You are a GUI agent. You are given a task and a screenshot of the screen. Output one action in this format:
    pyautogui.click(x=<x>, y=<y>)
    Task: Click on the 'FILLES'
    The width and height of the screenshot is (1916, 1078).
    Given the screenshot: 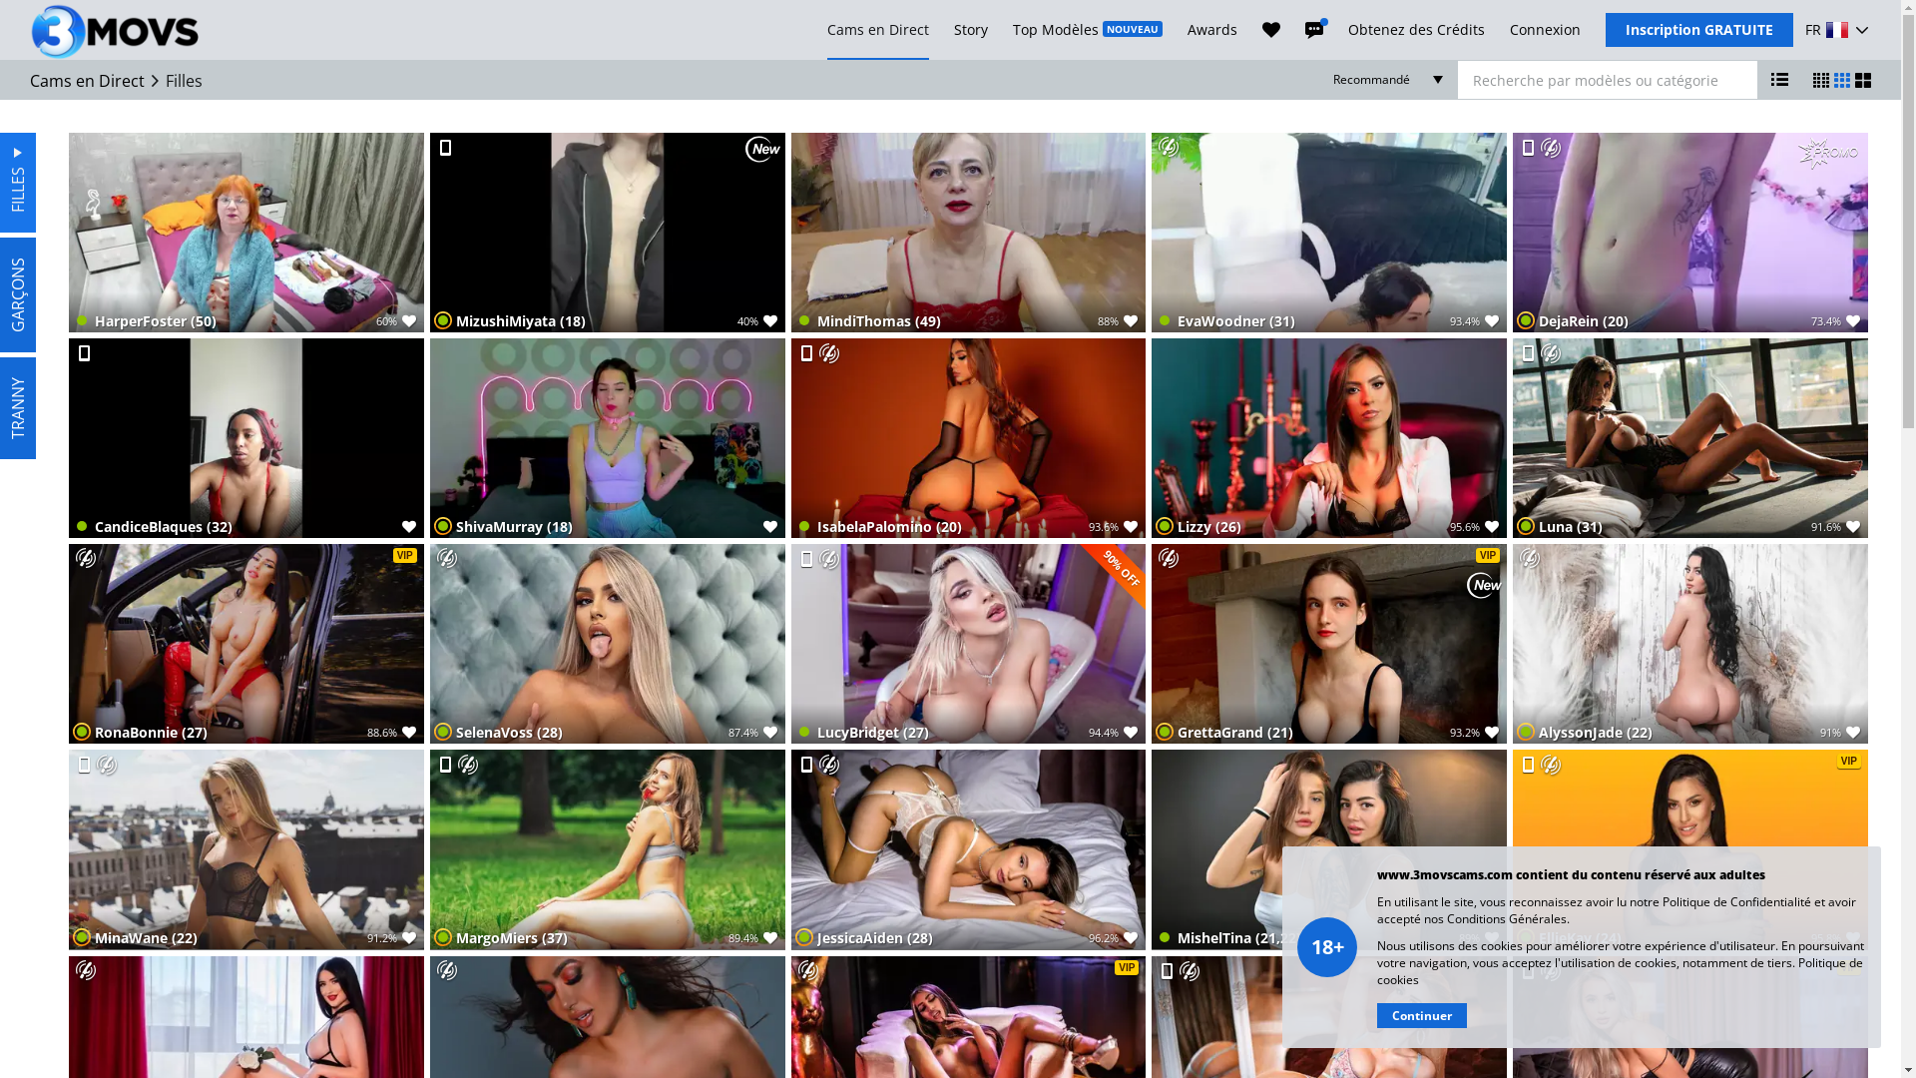 What is the action you would take?
    pyautogui.click(x=49, y=149)
    